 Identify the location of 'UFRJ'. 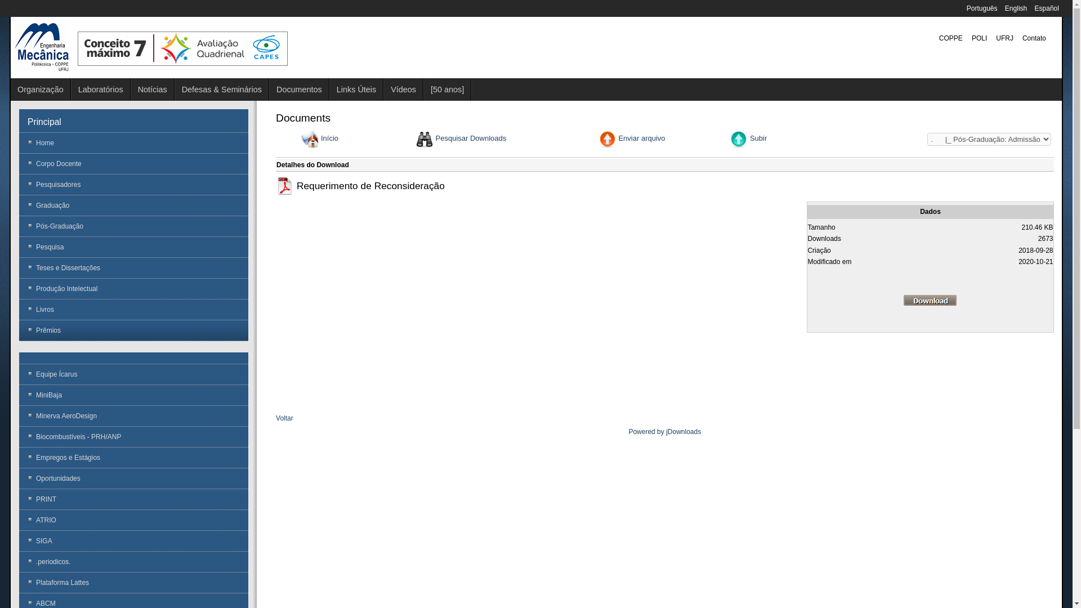
(1004, 38).